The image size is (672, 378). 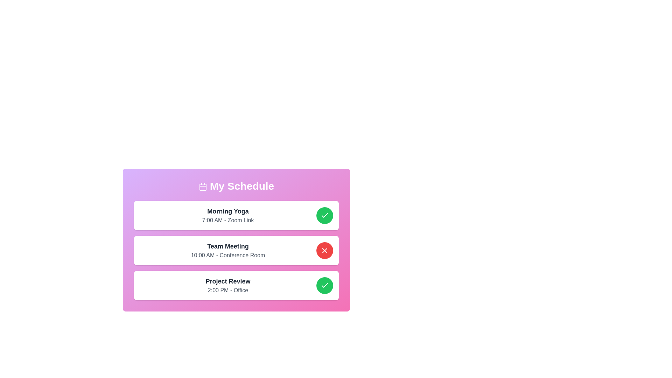 What do you see at coordinates (202, 187) in the screenshot?
I see `the calendar icon in the header` at bounding box center [202, 187].